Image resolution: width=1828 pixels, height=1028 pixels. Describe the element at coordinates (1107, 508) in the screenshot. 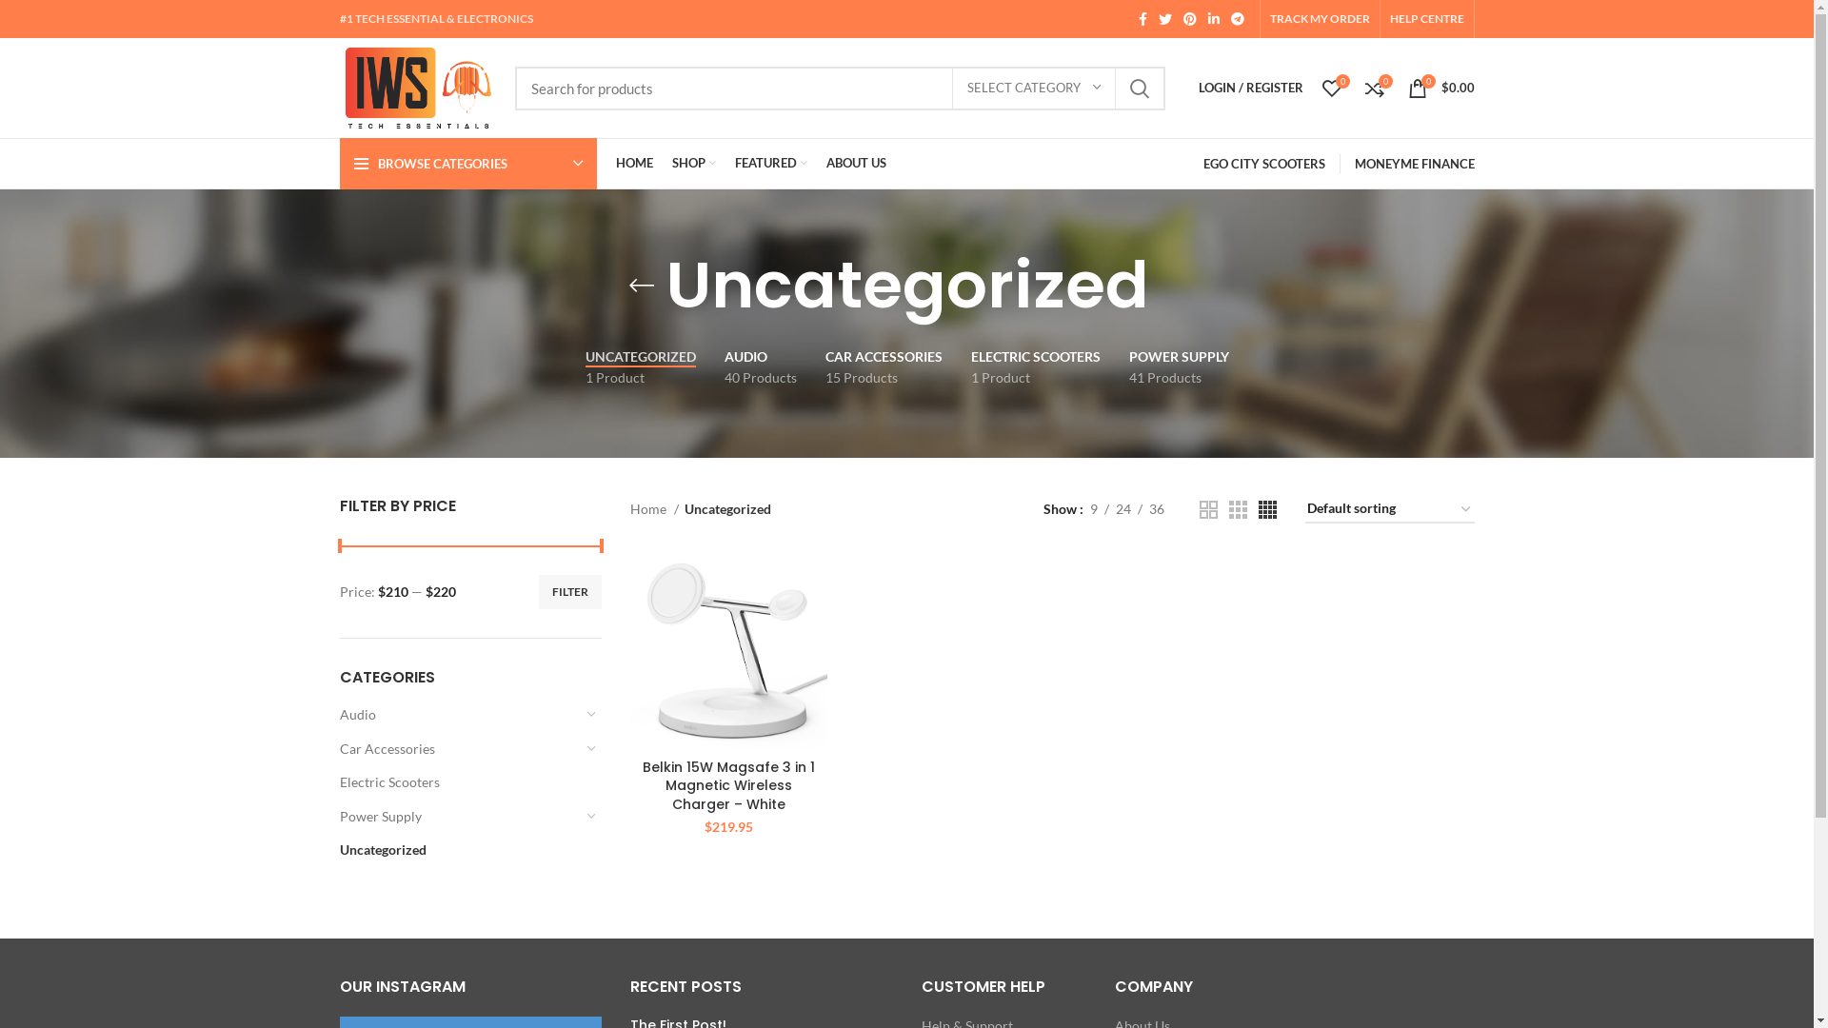

I see `'24'` at that location.